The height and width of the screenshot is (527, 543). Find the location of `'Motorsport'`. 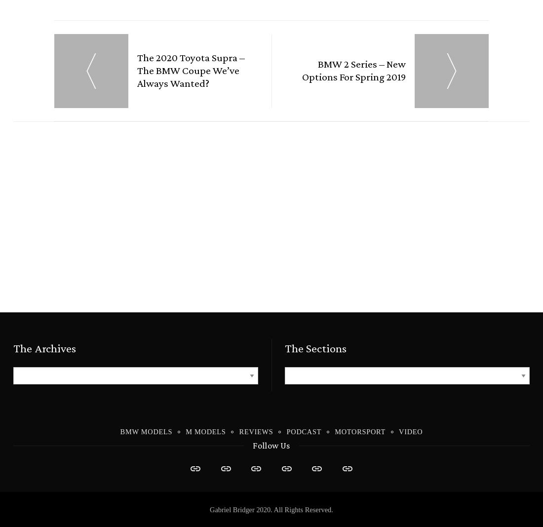

'Motorsport' is located at coordinates (359, 433).